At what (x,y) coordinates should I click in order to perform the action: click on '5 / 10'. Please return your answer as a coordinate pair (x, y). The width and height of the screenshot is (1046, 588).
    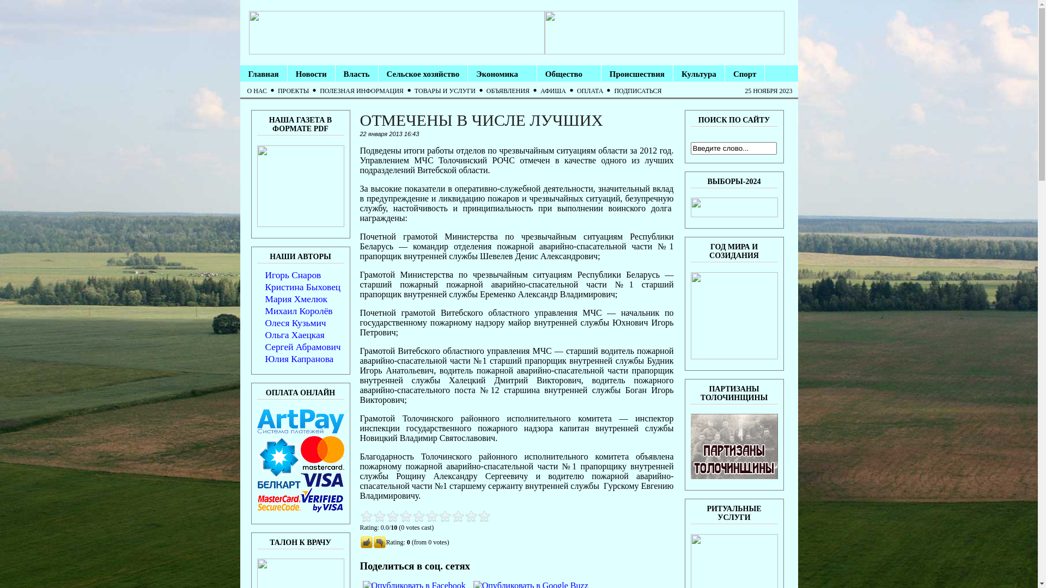
    Looking at the image, I should click on (392, 516).